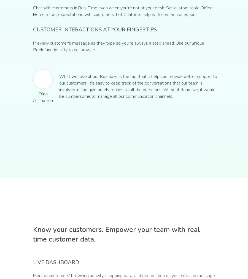 Image resolution: width=248 pixels, height=279 pixels. Describe the element at coordinates (69, 50) in the screenshot. I see `'functionality to co-browse.'` at that location.